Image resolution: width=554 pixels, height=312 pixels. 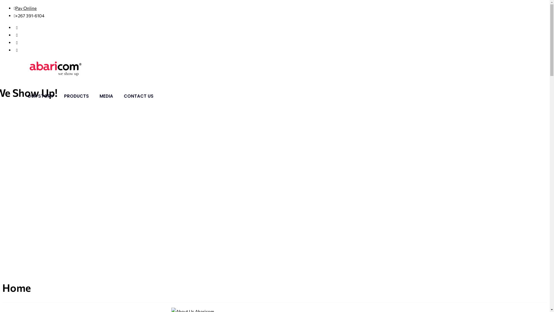 What do you see at coordinates (106, 96) in the screenshot?
I see `'MEDIA'` at bounding box center [106, 96].